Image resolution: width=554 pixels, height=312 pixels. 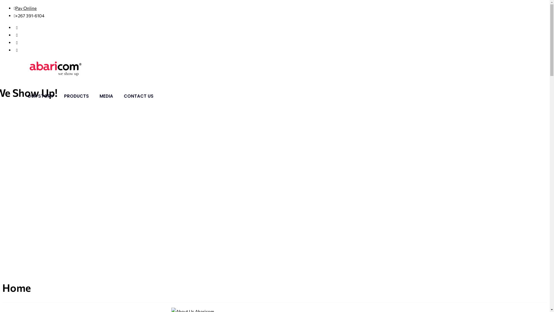 What do you see at coordinates (106, 96) in the screenshot?
I see `'MEDIA'` at bounding box center [106, 96].